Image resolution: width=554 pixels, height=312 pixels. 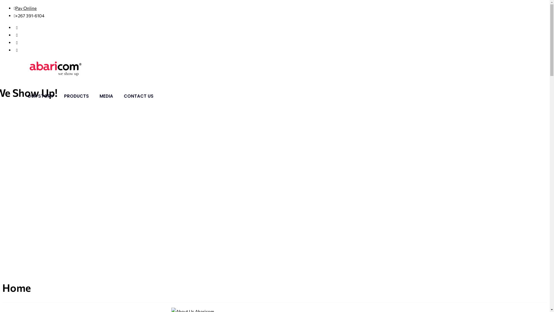 What do you see at coordinates (106, 96) in the screenshot?
I see `'MEDIA'` at bounding box center [106, 96].